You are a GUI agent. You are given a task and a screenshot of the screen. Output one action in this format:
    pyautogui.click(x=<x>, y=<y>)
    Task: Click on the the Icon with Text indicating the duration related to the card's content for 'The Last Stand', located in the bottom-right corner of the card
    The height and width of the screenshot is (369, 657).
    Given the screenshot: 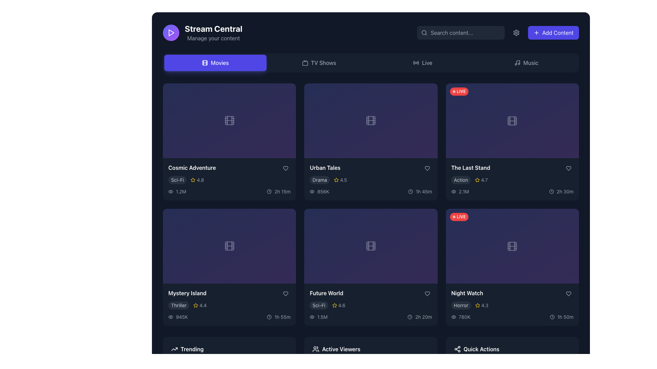 What is the action you would take?
    pyautogui.click(x=561, y=191)
    